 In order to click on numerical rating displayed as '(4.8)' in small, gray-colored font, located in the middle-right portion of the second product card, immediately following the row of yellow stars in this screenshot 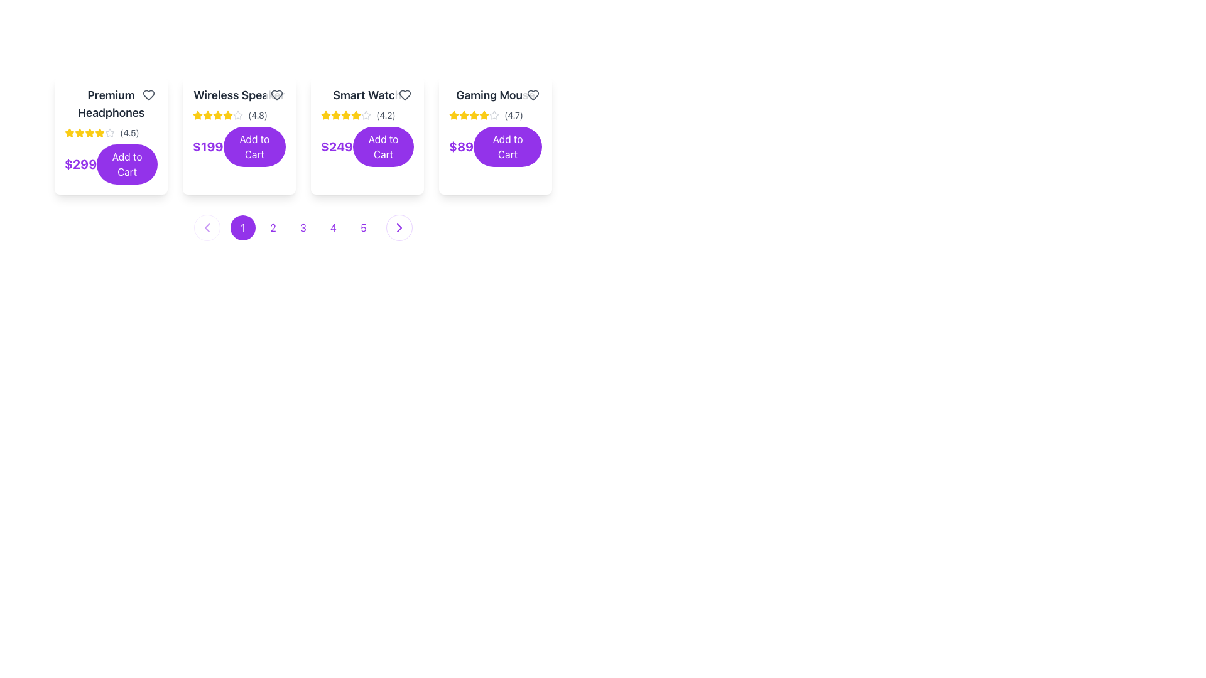, I will do `click(257, 116)`.